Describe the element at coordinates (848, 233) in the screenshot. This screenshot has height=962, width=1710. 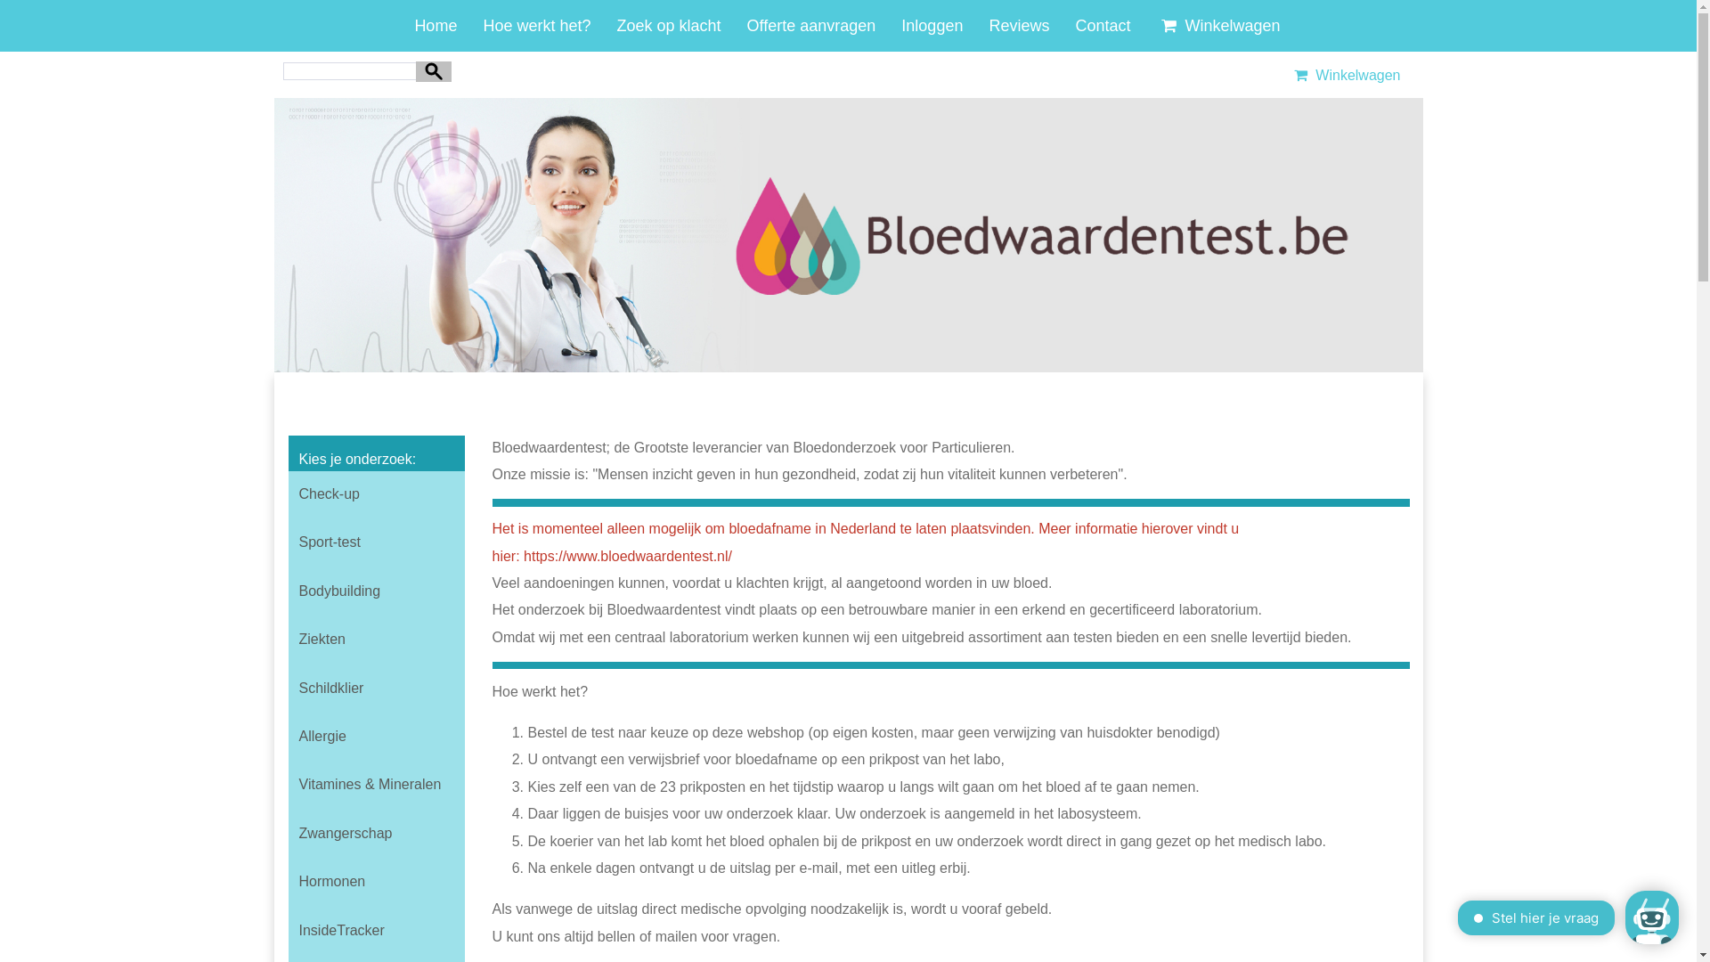
I see `'headerlogogrootbejpg'` at that location.